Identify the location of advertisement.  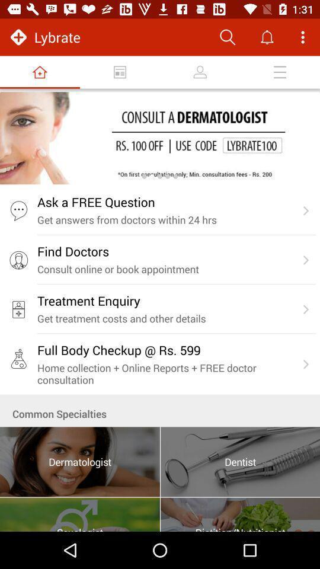
(160, 138).